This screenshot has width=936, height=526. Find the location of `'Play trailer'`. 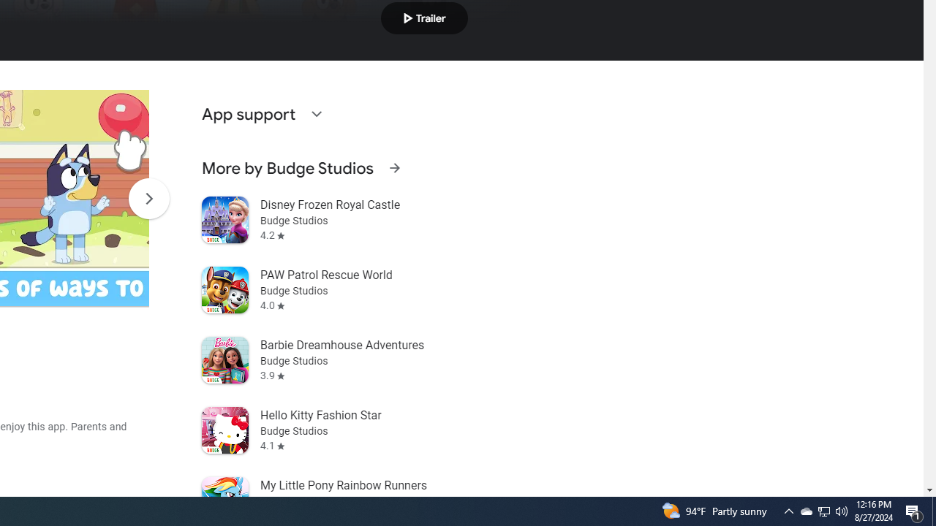

'Play trailer' is located at coordinates (423, 18).